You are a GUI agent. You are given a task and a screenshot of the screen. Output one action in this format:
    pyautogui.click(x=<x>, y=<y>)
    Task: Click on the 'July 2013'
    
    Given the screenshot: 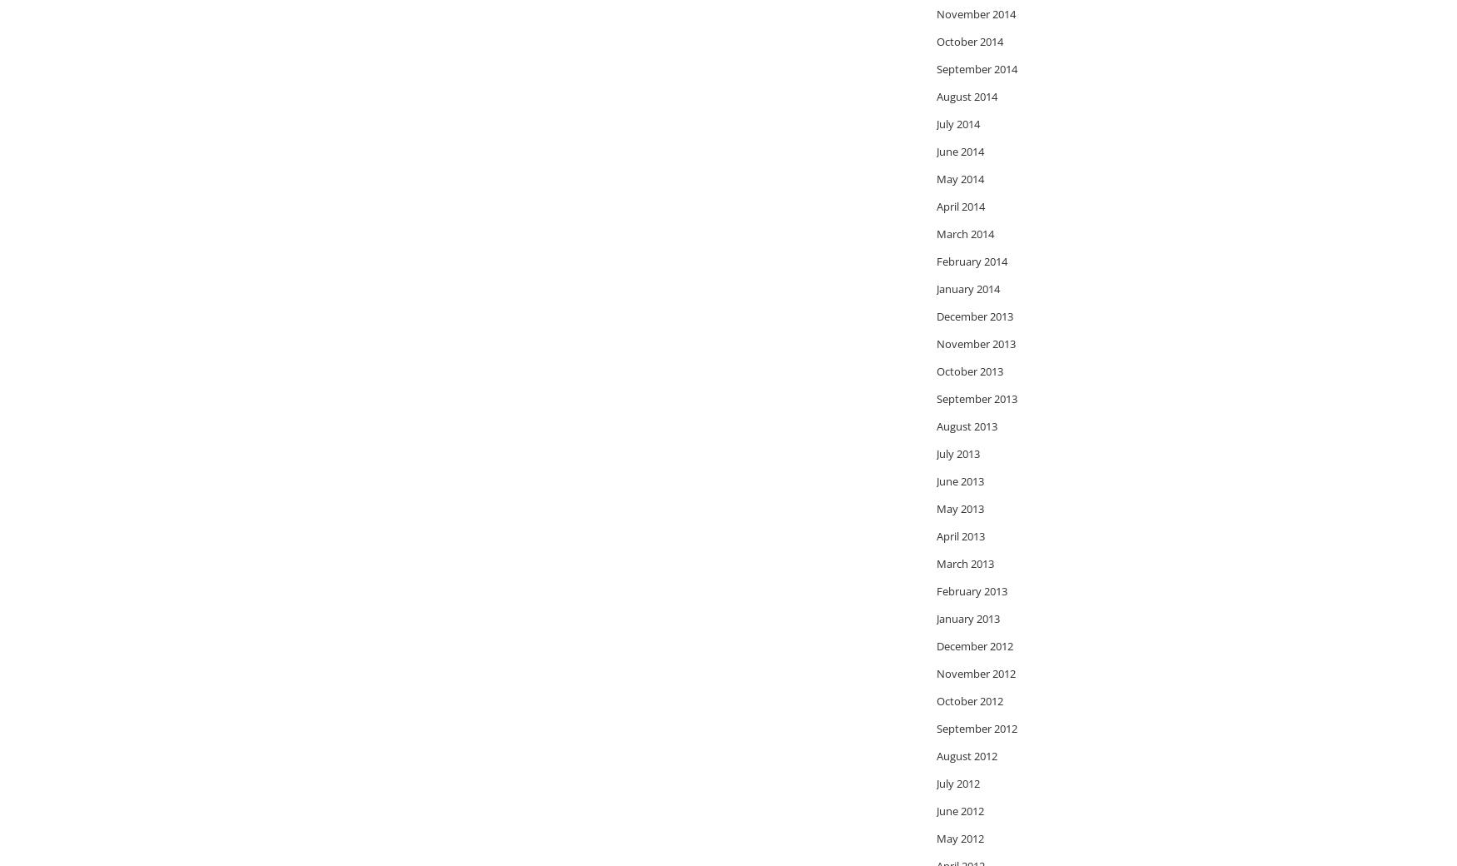 What is the action you would take?
    pyautogui.click(x=957, y=452)
    